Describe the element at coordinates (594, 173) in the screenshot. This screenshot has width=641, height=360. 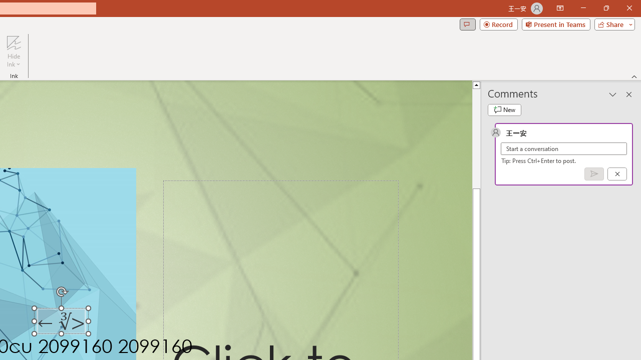
I see `'Post comment (Ctrl + Enter)'` at that location.